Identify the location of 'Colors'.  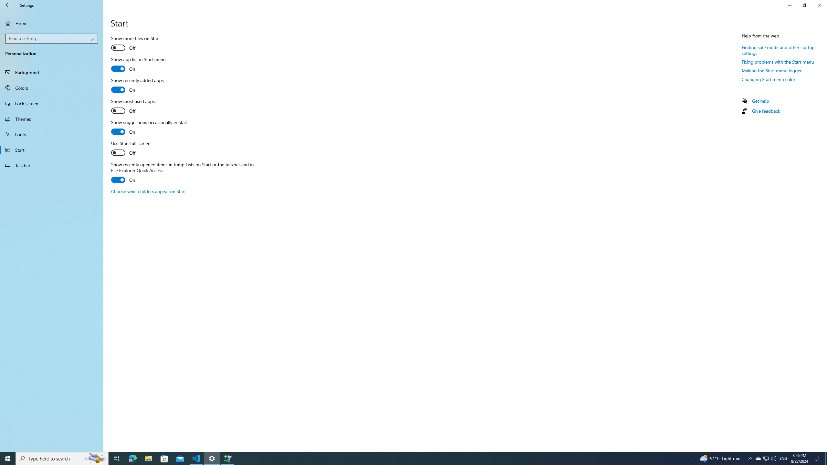
(51, 88).